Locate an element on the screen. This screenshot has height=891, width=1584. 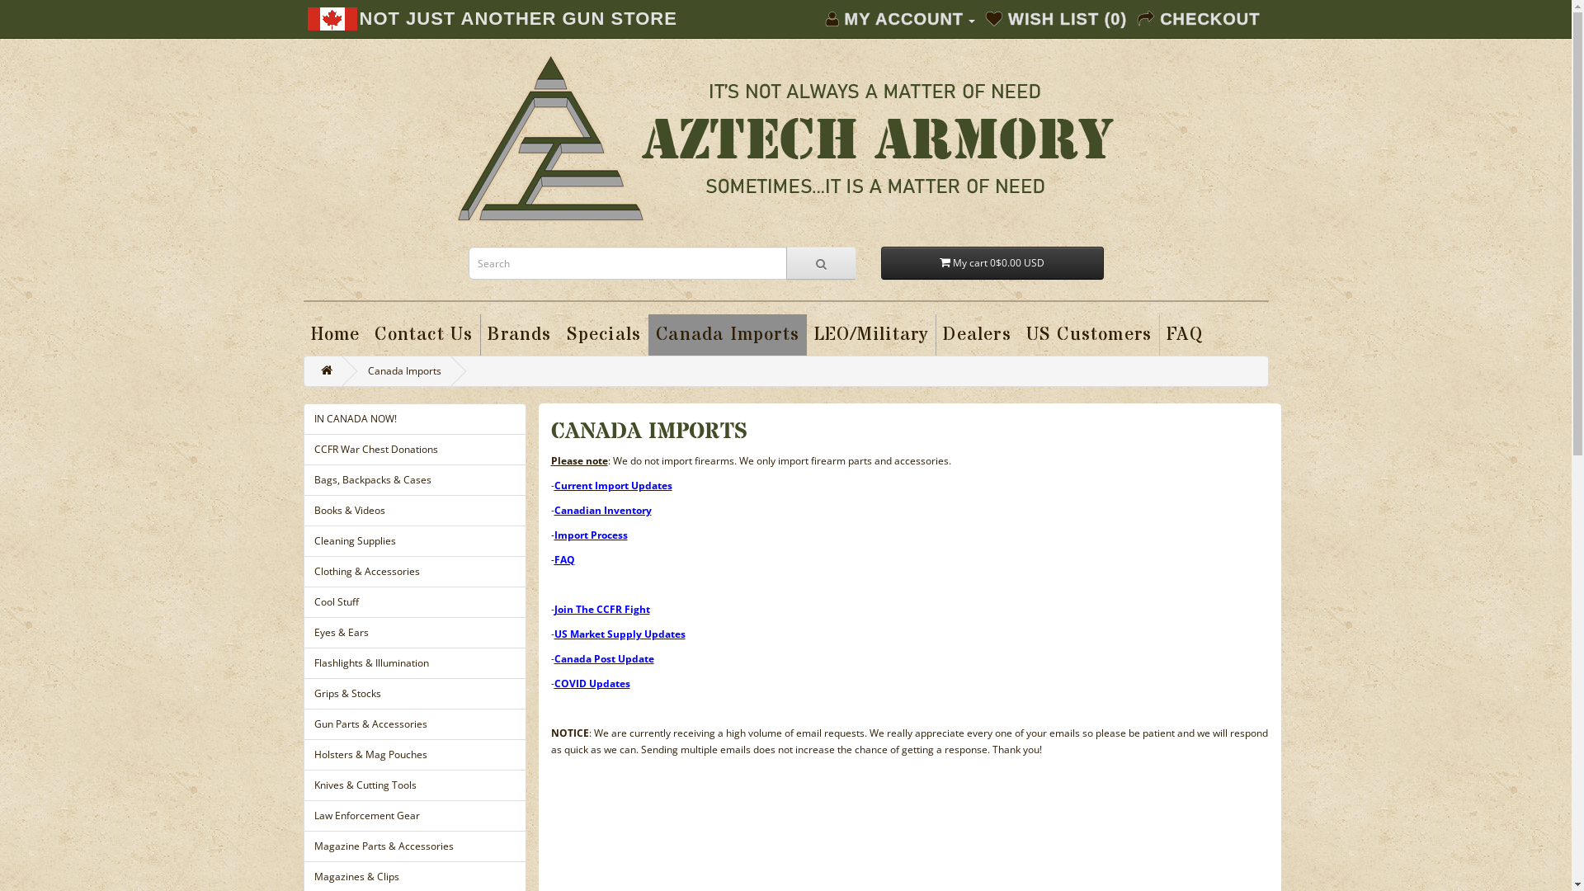
'Holsters & Mag Pouches' is located at coordinates (415, 754).